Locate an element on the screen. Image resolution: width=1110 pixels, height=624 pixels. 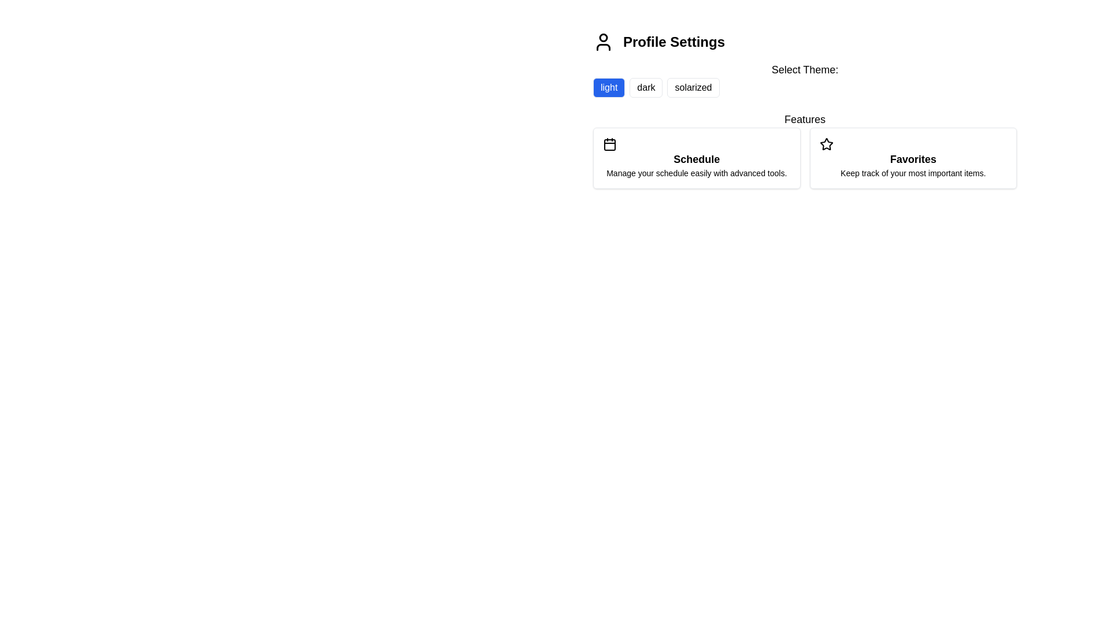
the star icon in the 'Favorites' section, which is outlined and located in the upper-left corner of the content block is located at coordinates (826, 144).